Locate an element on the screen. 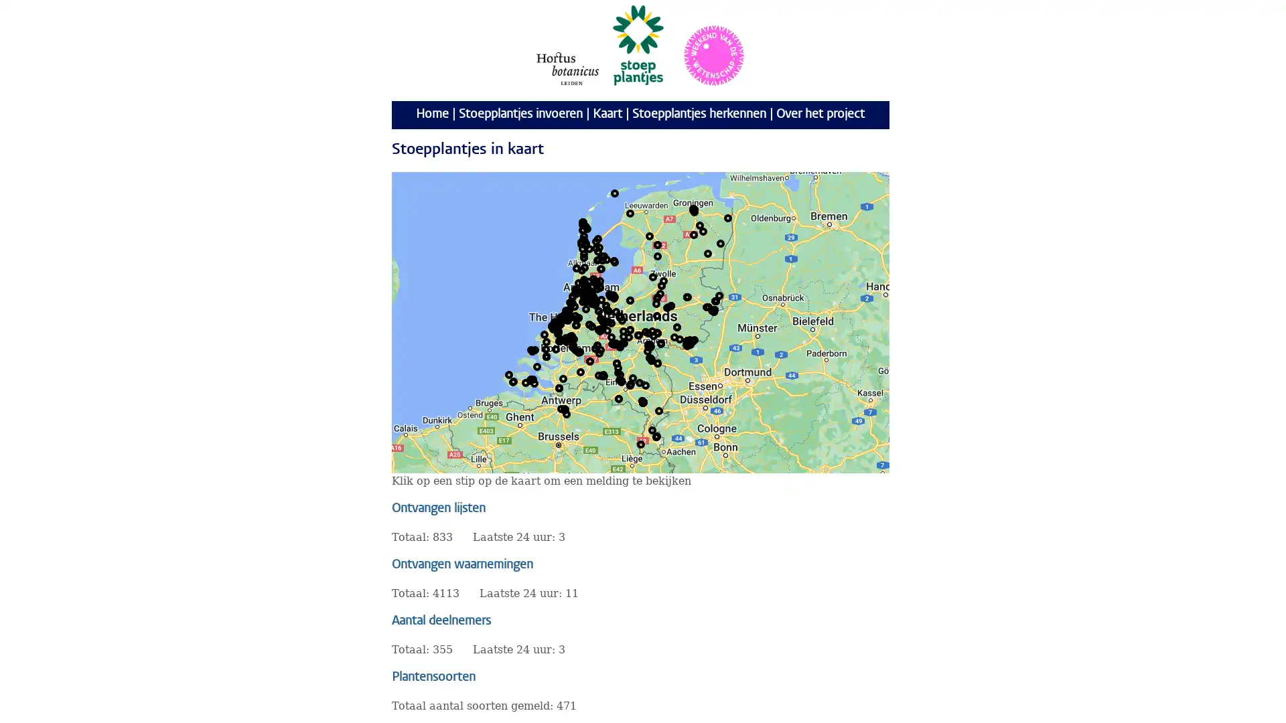 This screenshot has width=1286, height=723. Telling van Annelies op 09 april 2022 is located at coordinates (513, 381).